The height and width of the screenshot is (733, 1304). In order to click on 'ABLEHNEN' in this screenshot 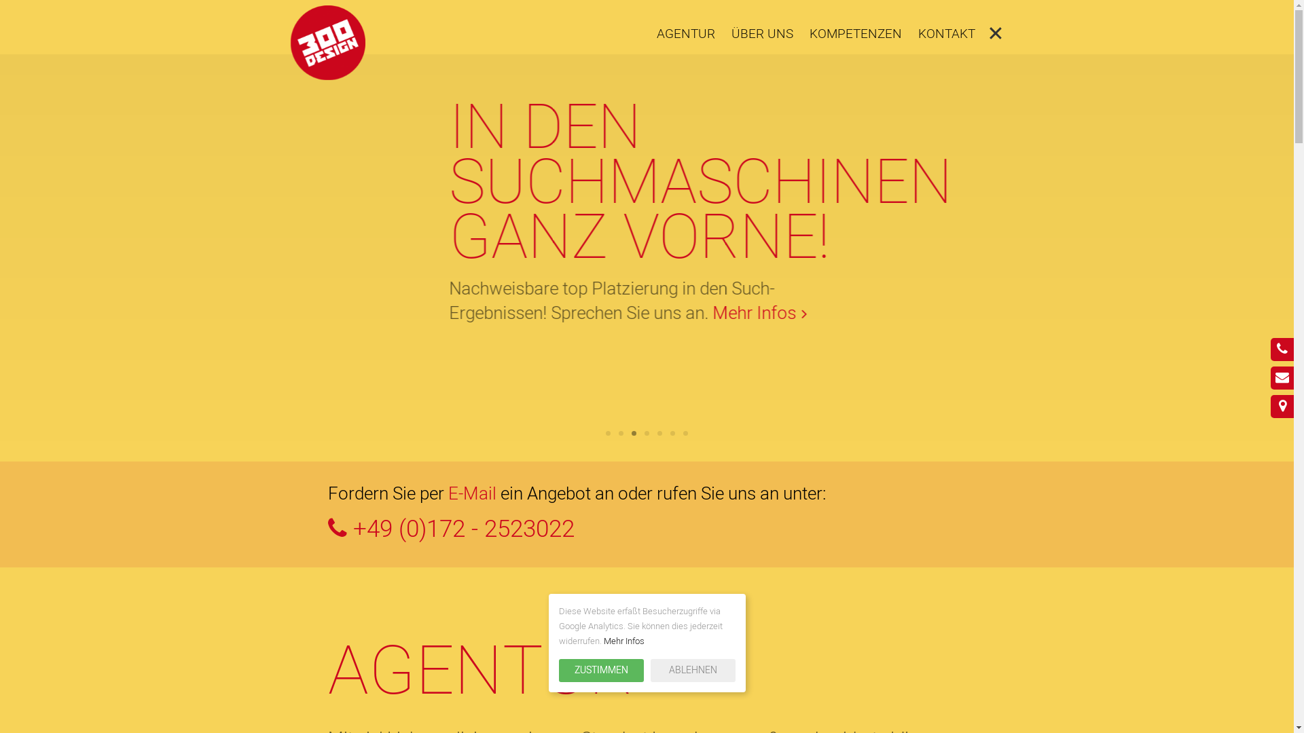, I will do `click(693, 669)`.